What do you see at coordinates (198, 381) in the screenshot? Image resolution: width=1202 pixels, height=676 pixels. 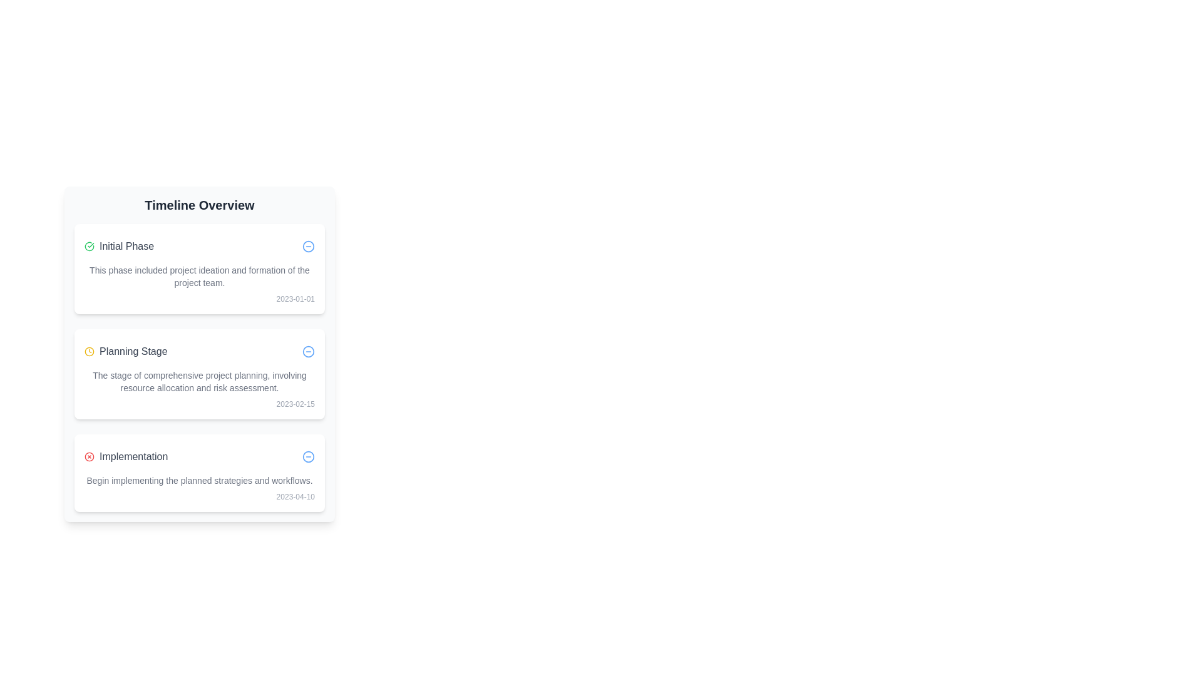 I see `the Static Text displaying a concise description in gray text, located below the heading 'Planning Stage' and above the date '2023-02-15'` at bounding box center [198, 381].